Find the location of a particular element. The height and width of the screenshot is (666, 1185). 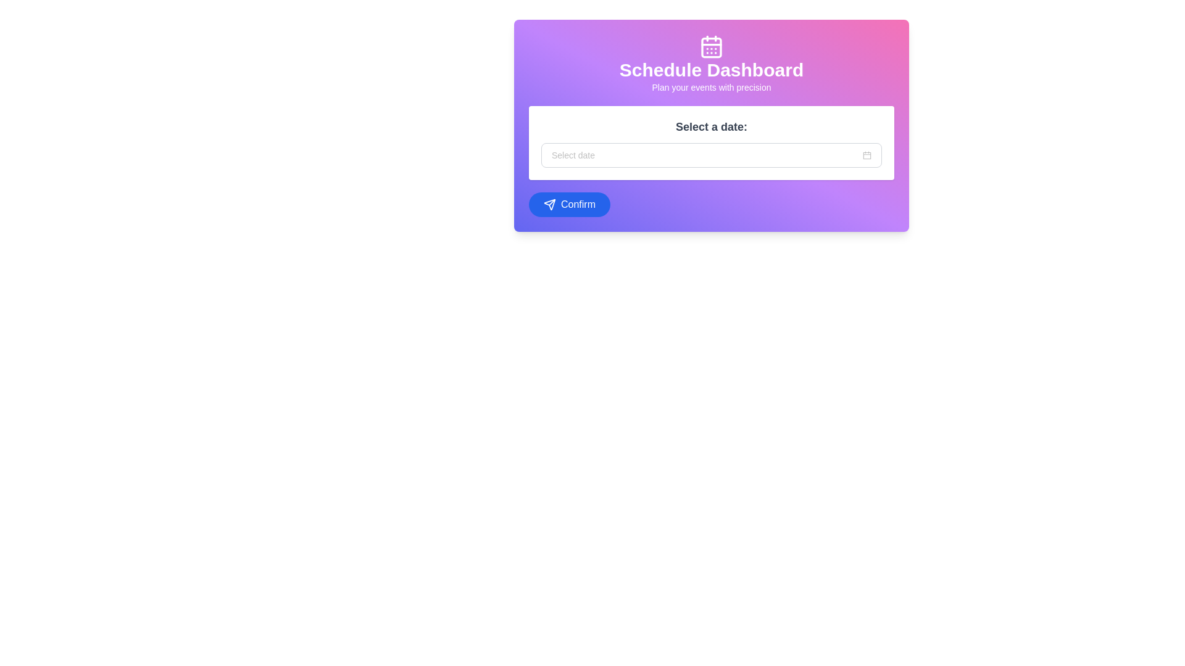

the icon within the 'Confirm' button, which visually represents the action to submit or send the selected date, located in the lower-left area of a purple-colored card is located at coordinates (549, 203).